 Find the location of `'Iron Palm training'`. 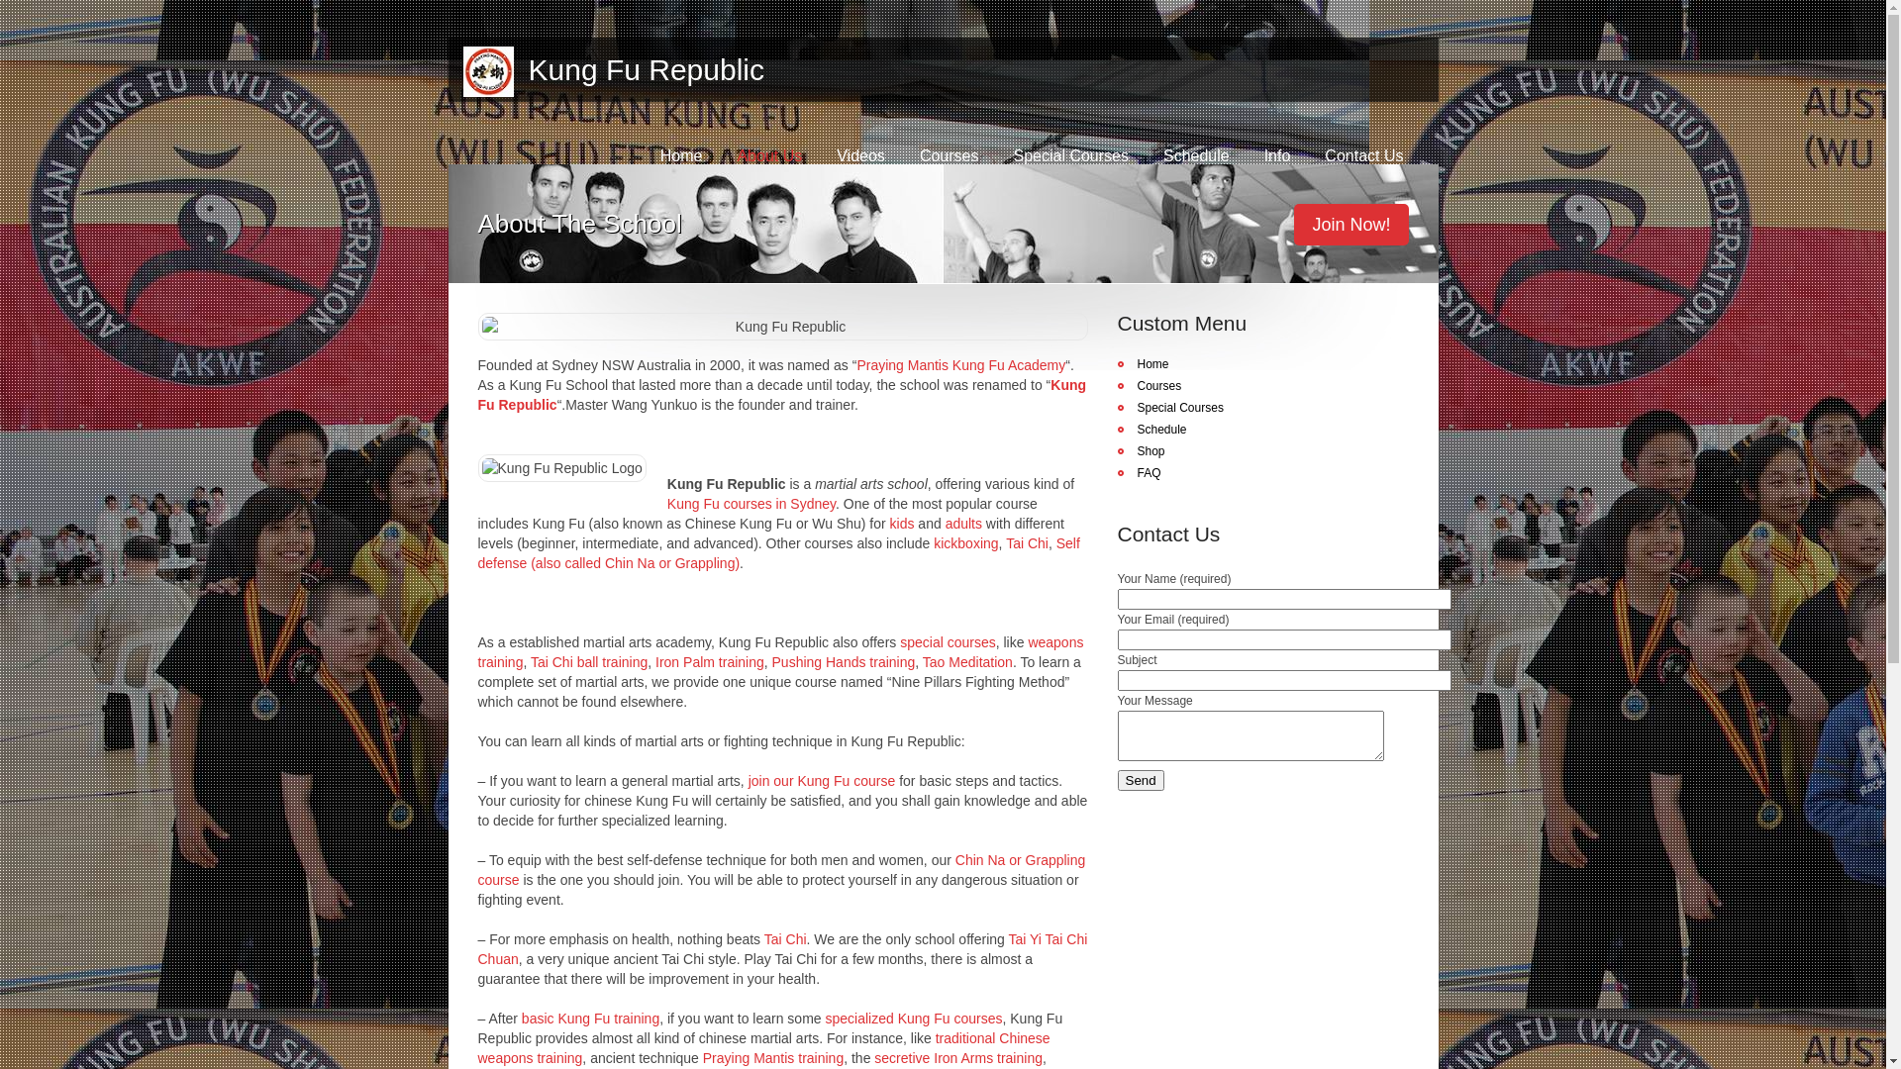

'Iron Palm training' is located at coordinates (709, 661).